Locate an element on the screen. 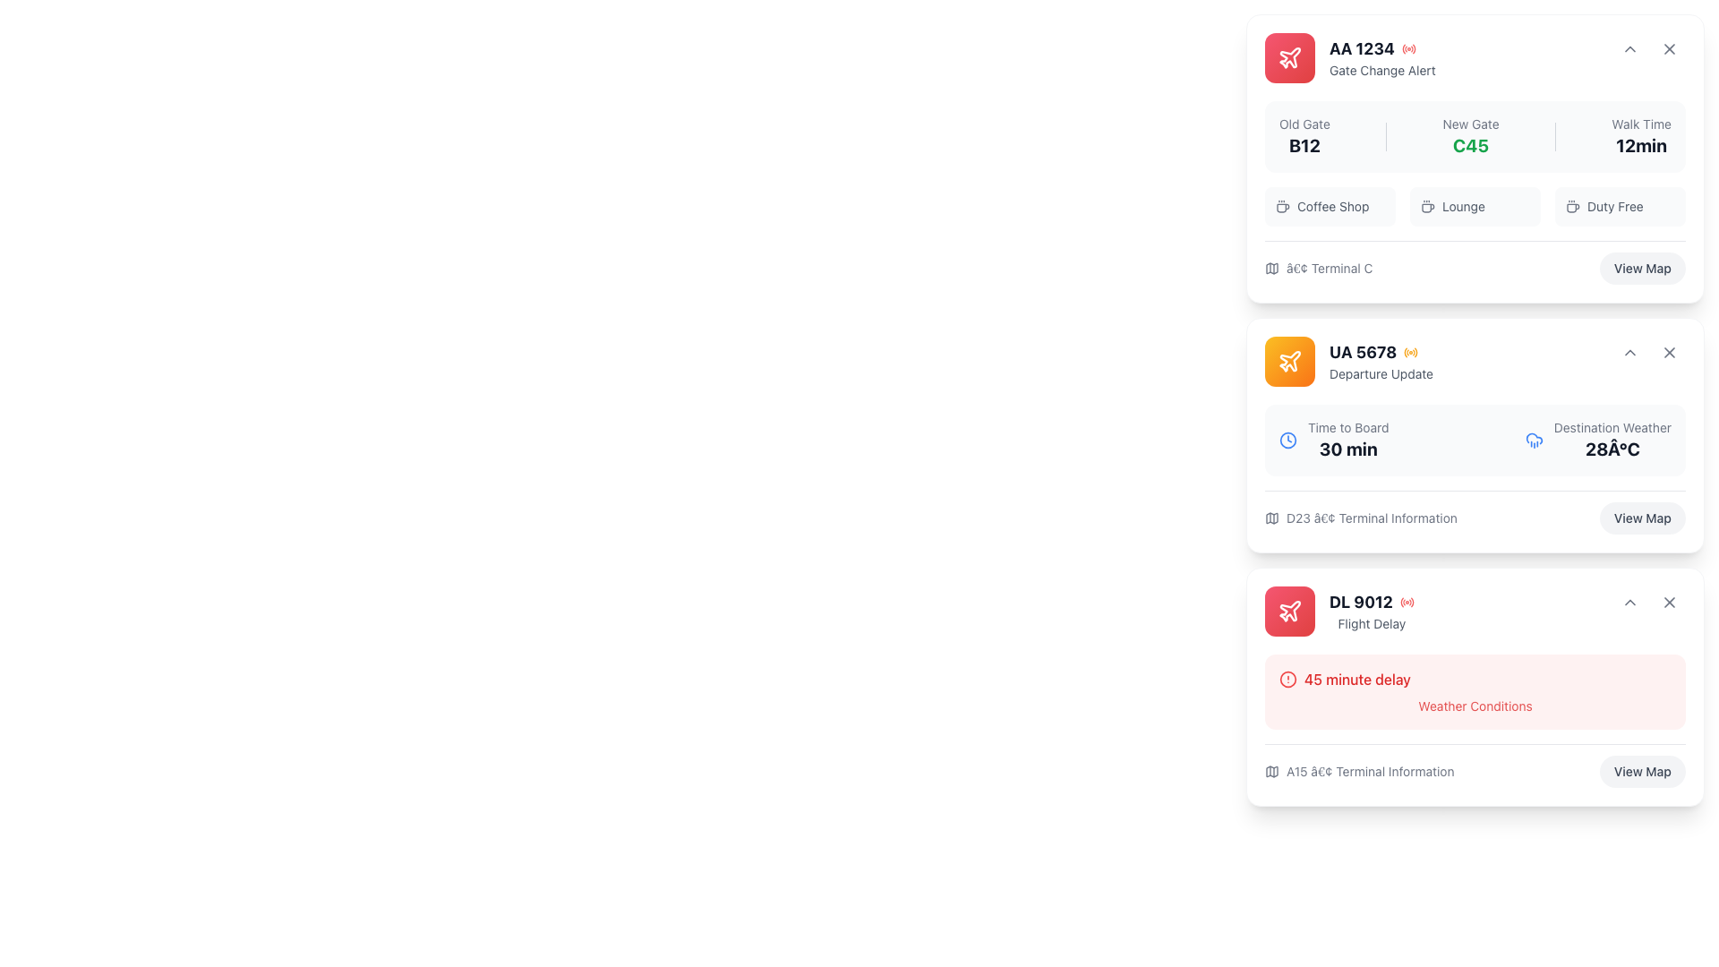  the text label displaying the flight identifier UA 5678 located in the top section of the second card on the right side of the interface, next to an orange icon is located at coordinates (1380, 352).